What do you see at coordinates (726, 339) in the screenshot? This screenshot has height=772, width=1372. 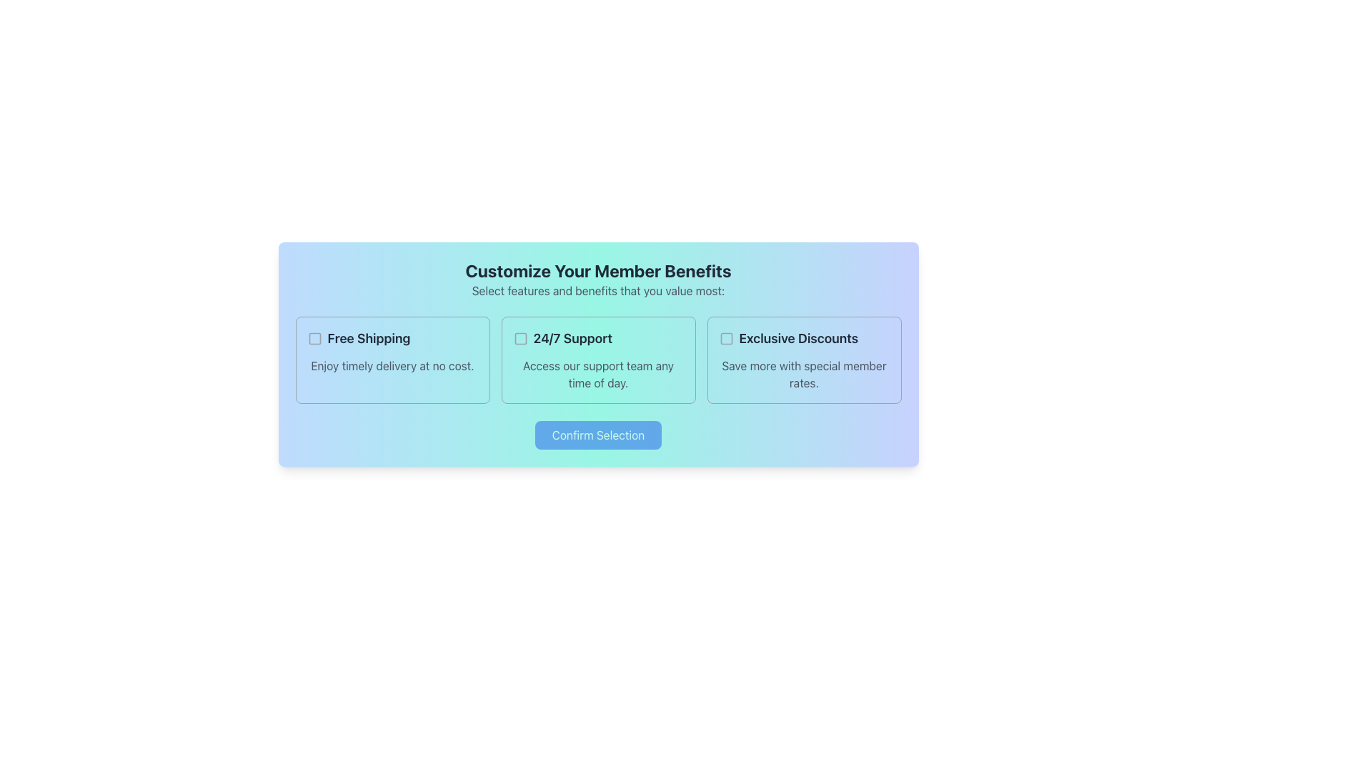 I see `the checkbox element that is part of the 'Exclusive Discounts' option to trigger any hover effects` at bounding box center [726, 339].